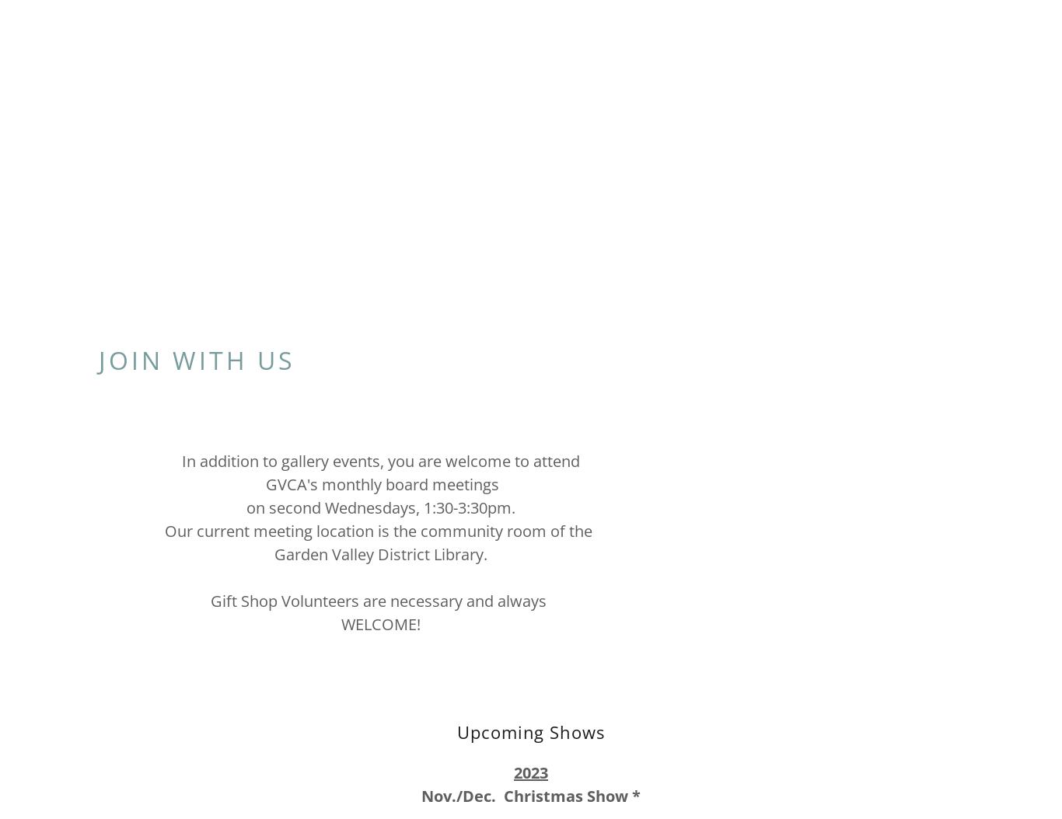 The height and width of the screenshot is (819, 1062). Describe the element at coordinates (273, 552) in the screenshot. I see `'Garden Valley District Library.'` at that location.